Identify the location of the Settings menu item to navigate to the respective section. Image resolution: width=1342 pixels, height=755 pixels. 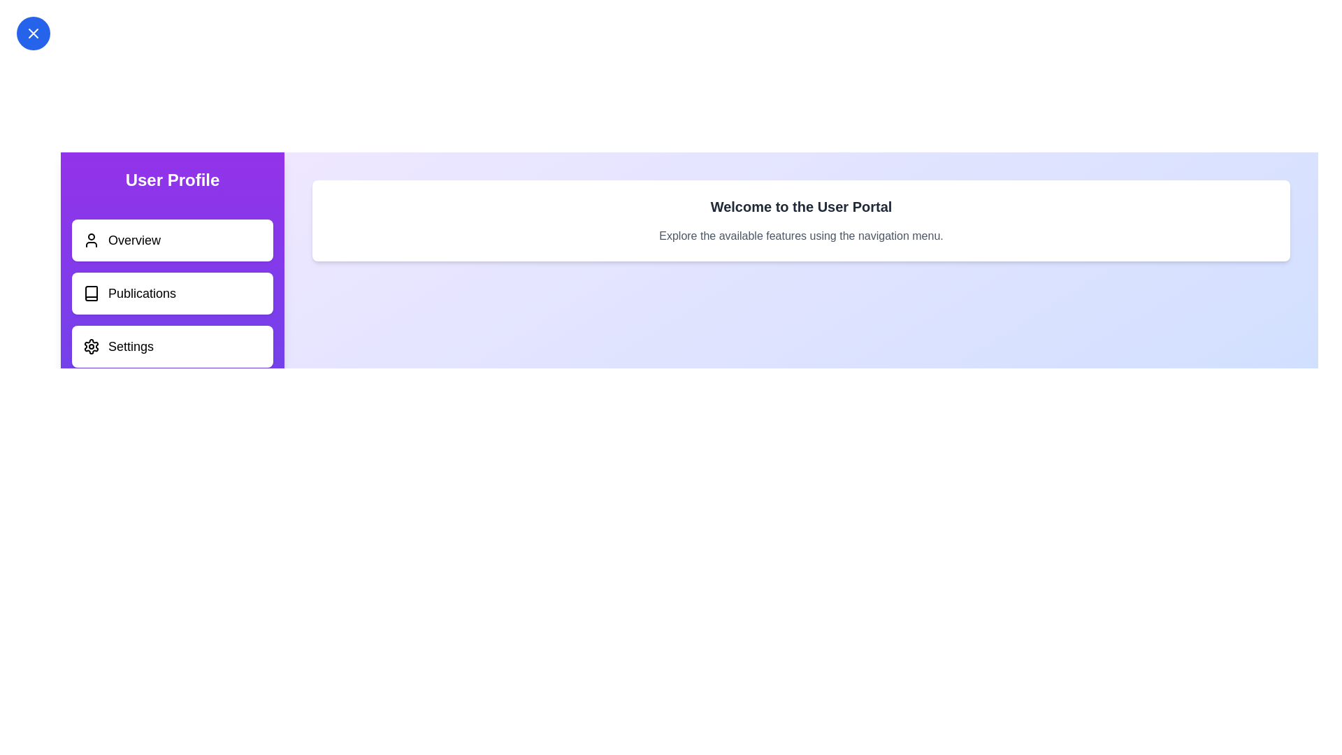
(171, 346).